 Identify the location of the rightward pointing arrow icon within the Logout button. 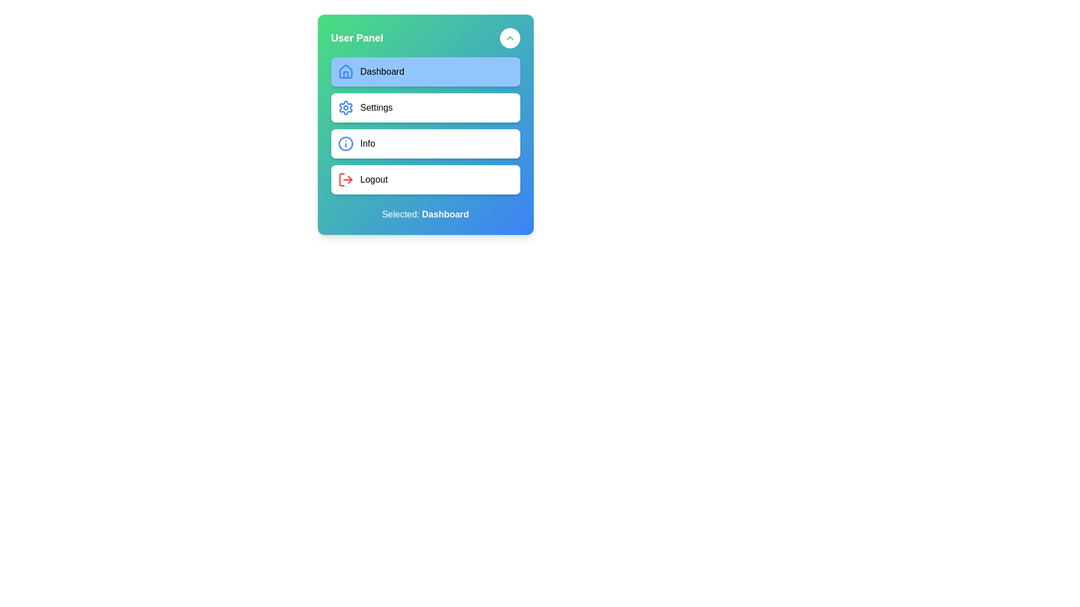
(349, 179).